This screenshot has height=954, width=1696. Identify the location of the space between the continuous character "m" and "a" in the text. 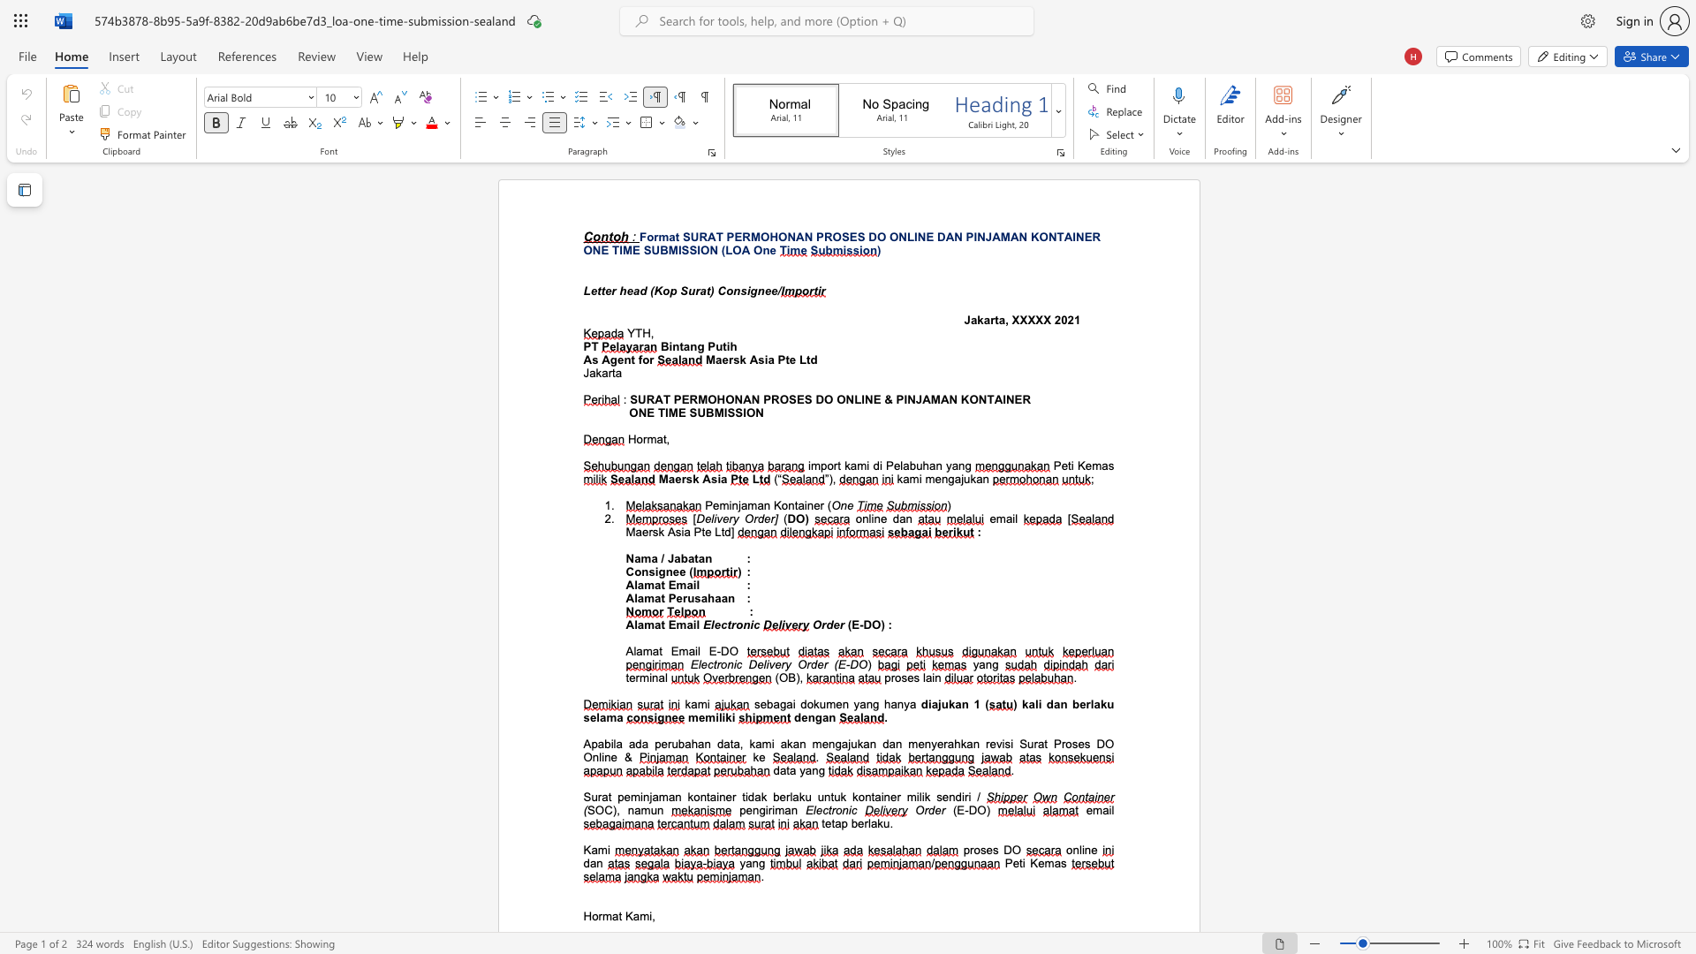
(1100, 465).